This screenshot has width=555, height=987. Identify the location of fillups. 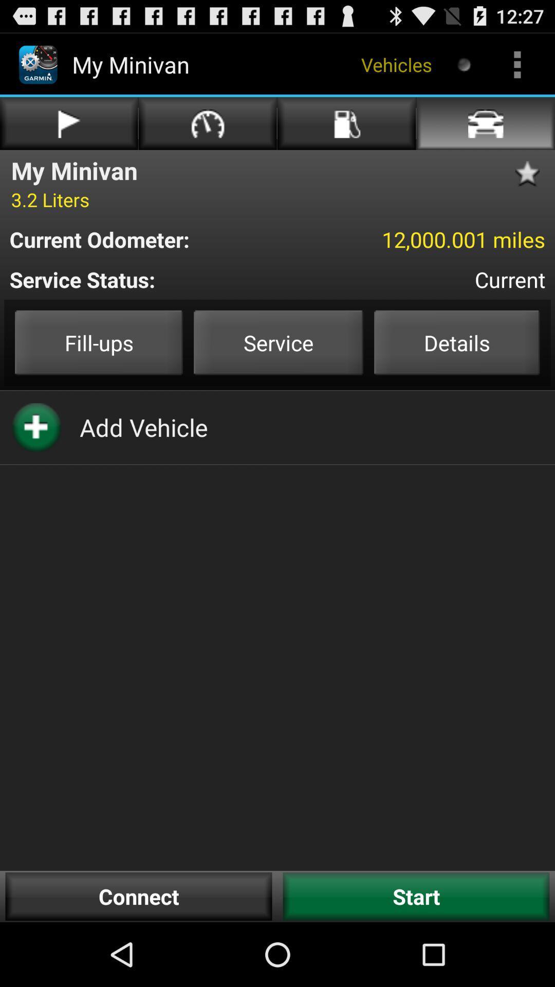
(99, 343).